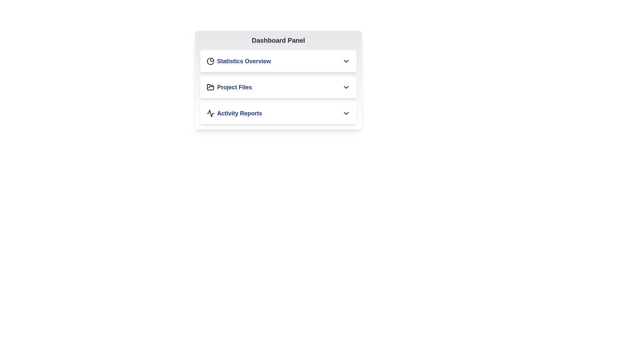 The image size is (626, 352). Describe the element at coordinates (278, 113) in the screenshot. I see `the section titled 'Activity Reports' to observe its hover effect` at that location.